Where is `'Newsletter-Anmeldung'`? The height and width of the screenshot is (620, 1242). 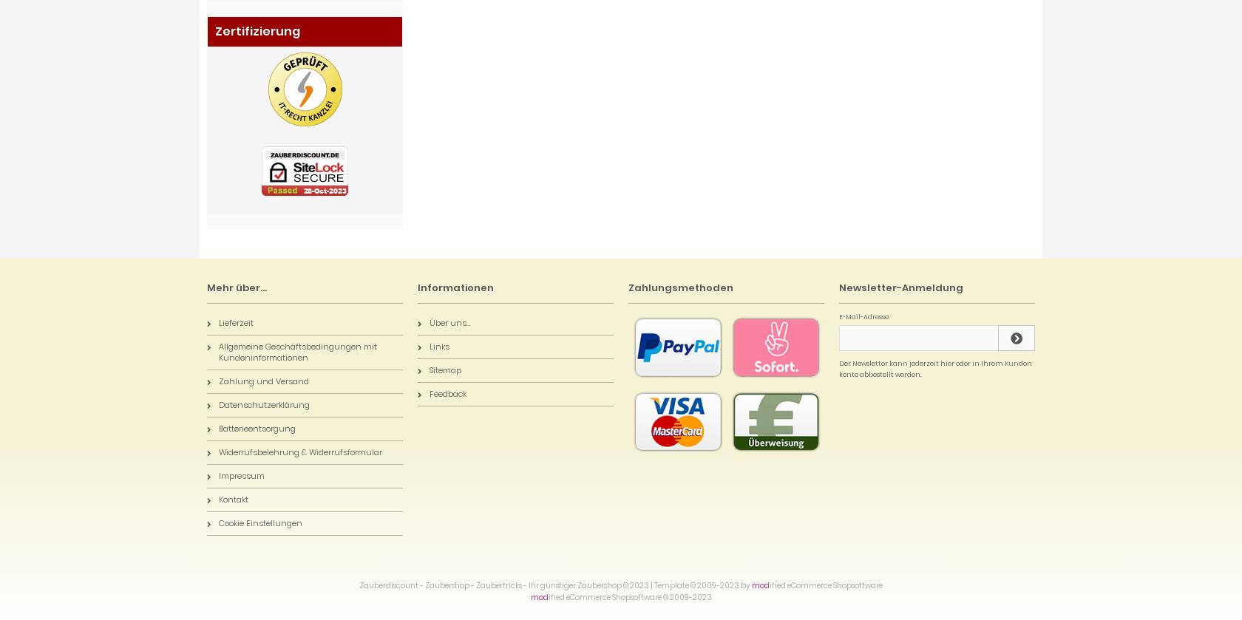
'Newsletter-Anmeldung' is located at coordinates (839, 287).